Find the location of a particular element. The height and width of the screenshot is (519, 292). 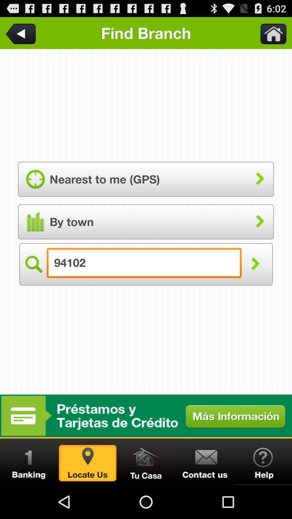

tap on locate us is located at coordinates (87, 461).